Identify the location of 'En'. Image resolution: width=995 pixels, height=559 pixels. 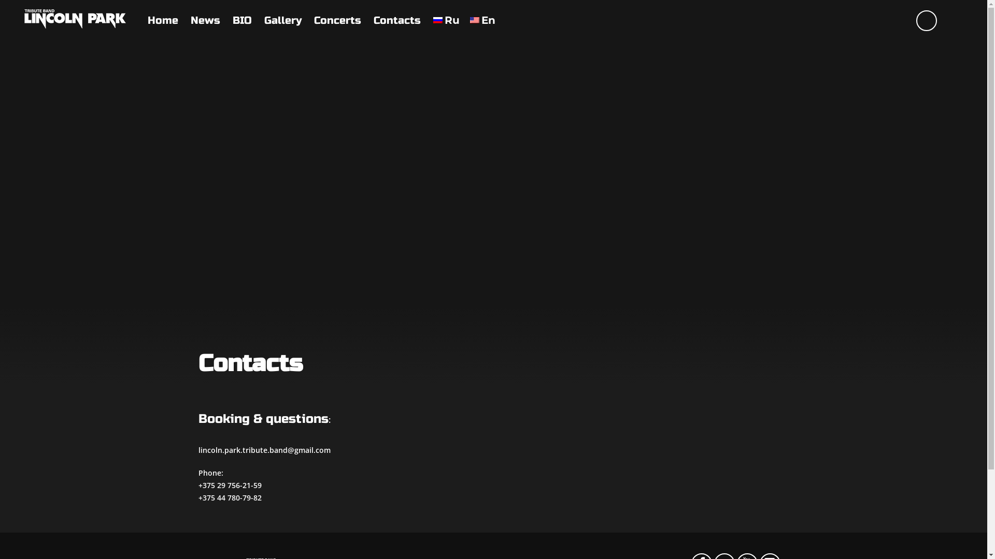
(482, 20).